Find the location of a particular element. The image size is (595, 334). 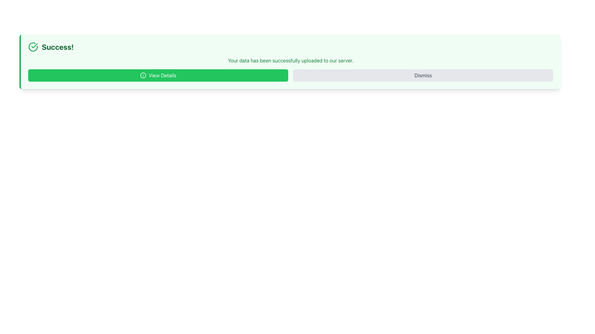

the checkmark graphic inside the circular SVG icon located in the top-left region of the central interface section, which represents success or completion is located at coordinates (34, 45).